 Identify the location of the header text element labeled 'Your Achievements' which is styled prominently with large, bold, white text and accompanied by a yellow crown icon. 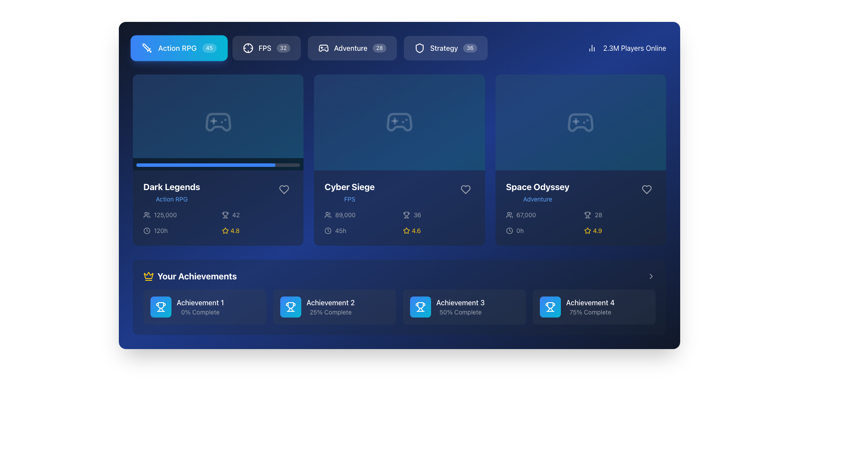
(189, 276).